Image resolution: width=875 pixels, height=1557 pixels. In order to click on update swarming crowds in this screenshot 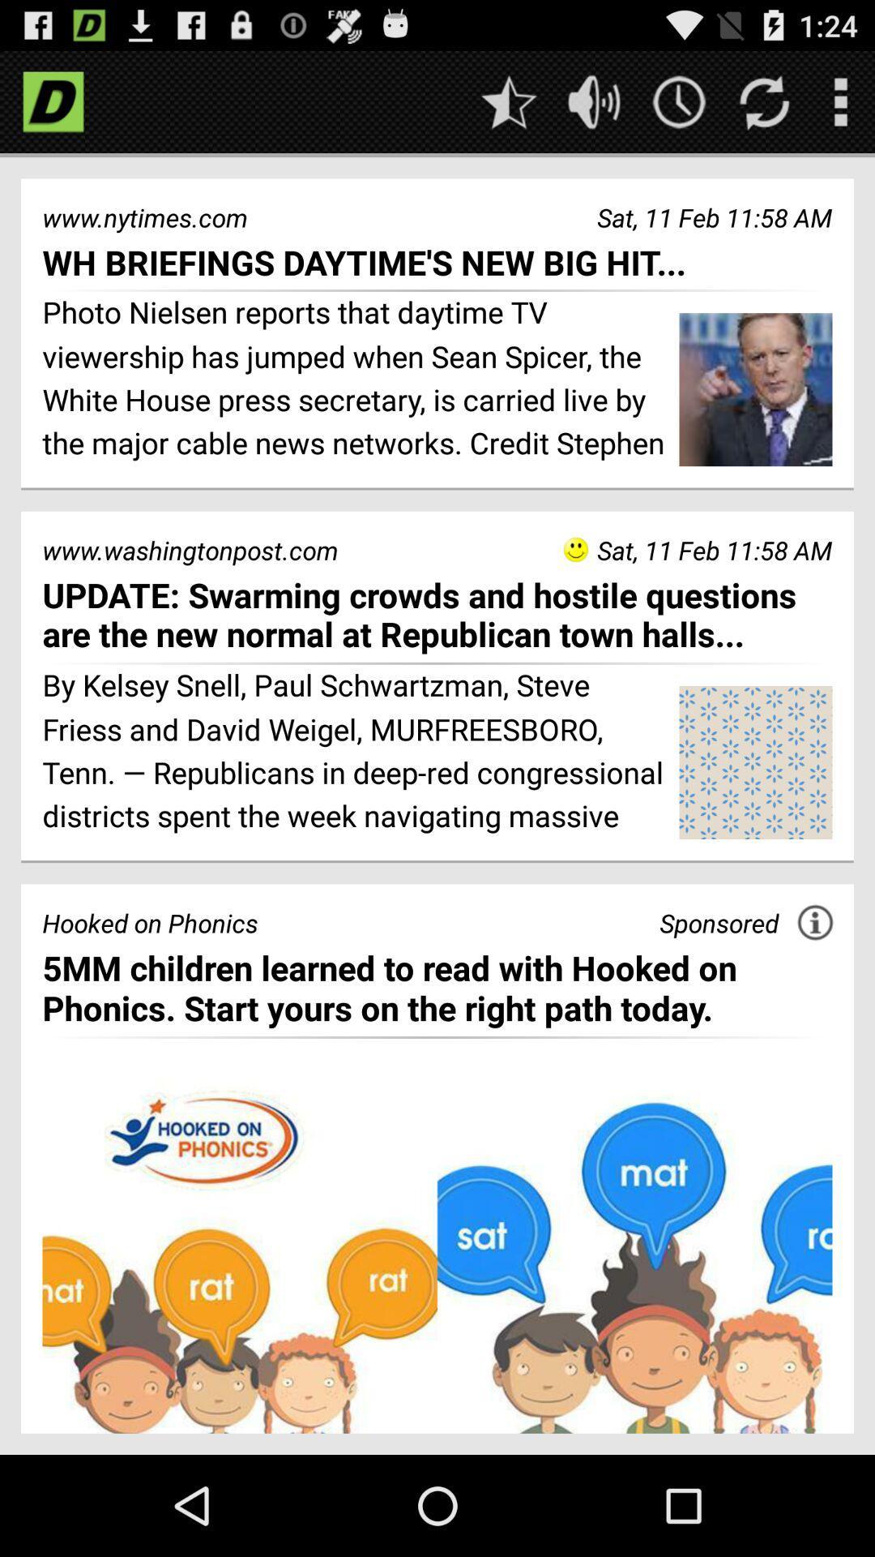, I will do `click(437, 614)`.